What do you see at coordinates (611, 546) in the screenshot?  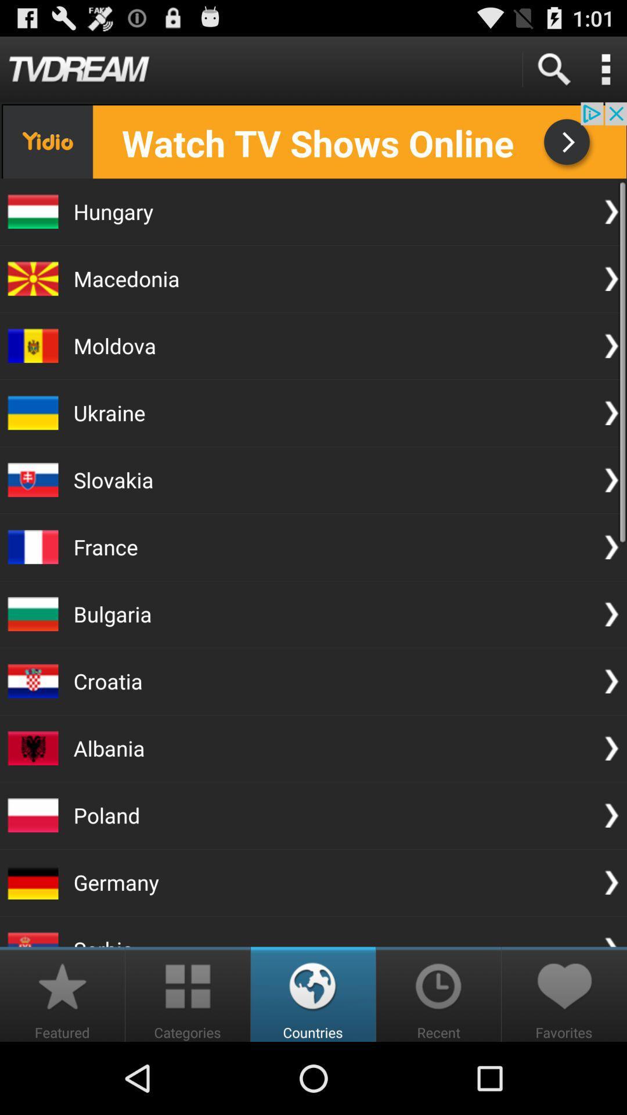 I see `the arrow next to france` at bounding box center [611, 546].